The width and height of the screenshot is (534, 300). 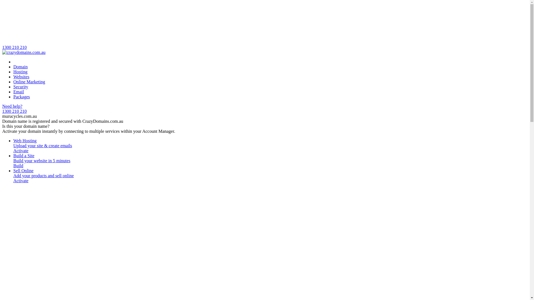 I want to click on 'Online Marketing', so click(x=29, y=82).